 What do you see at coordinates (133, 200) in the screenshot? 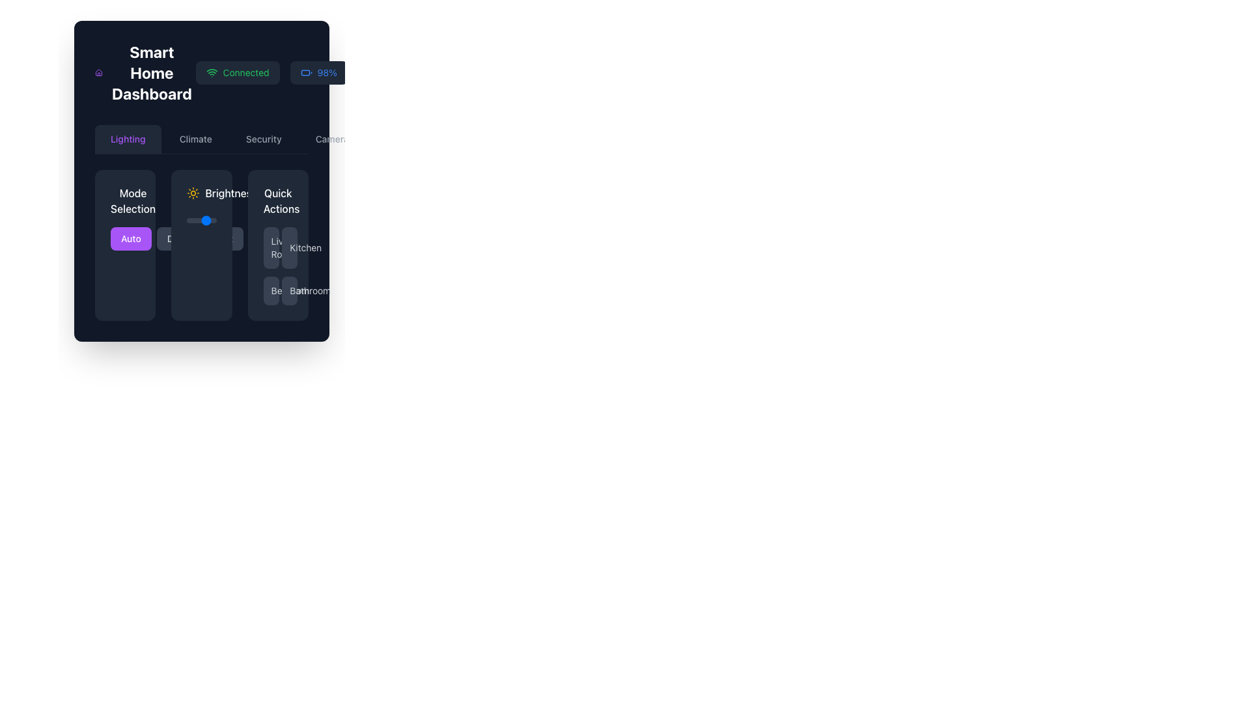
I see `text label displaying 'Mode Selection' which is located in the leftmost column of the UI and above the 'Auto' button` at bounding box center [133, 200].